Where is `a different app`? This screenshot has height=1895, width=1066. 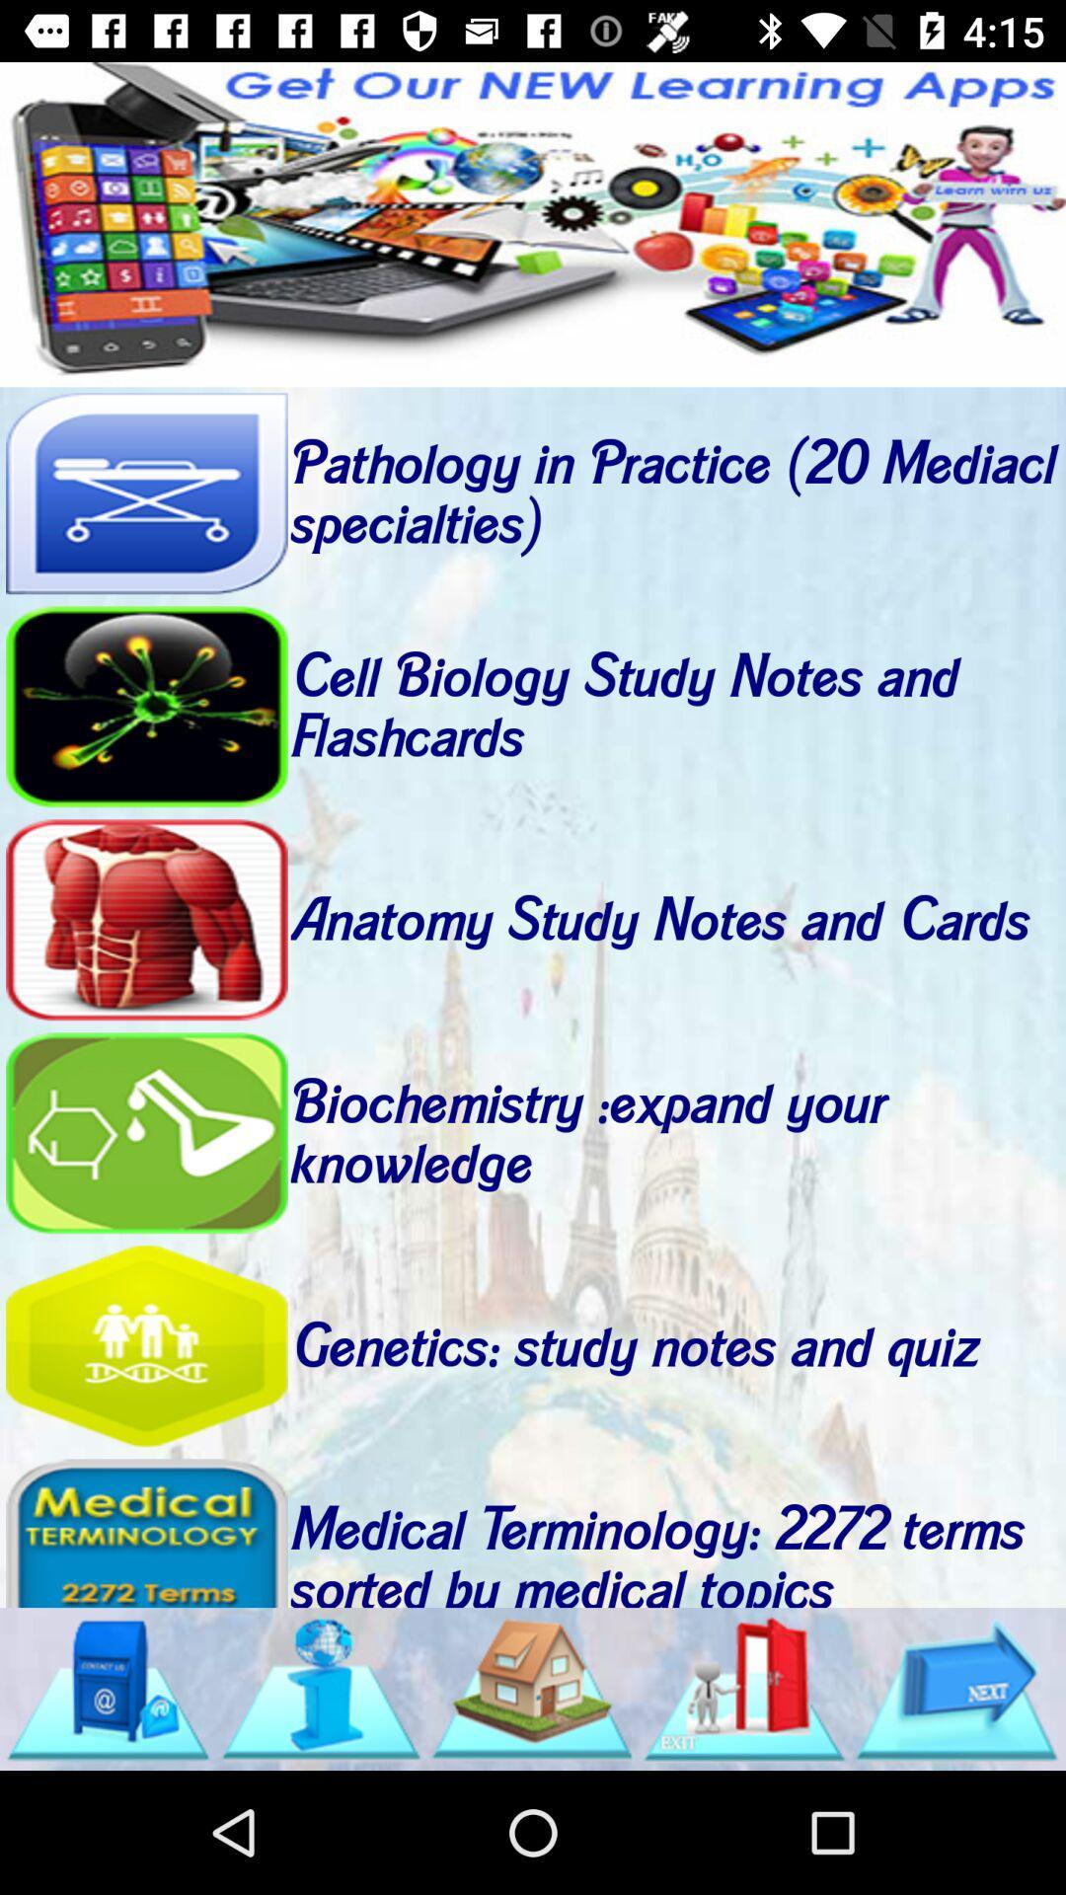
a different app is located at coordinates (533, 224).